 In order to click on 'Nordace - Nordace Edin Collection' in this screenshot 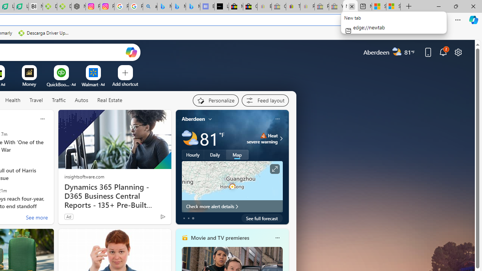, I will do `click(78, 6)`.